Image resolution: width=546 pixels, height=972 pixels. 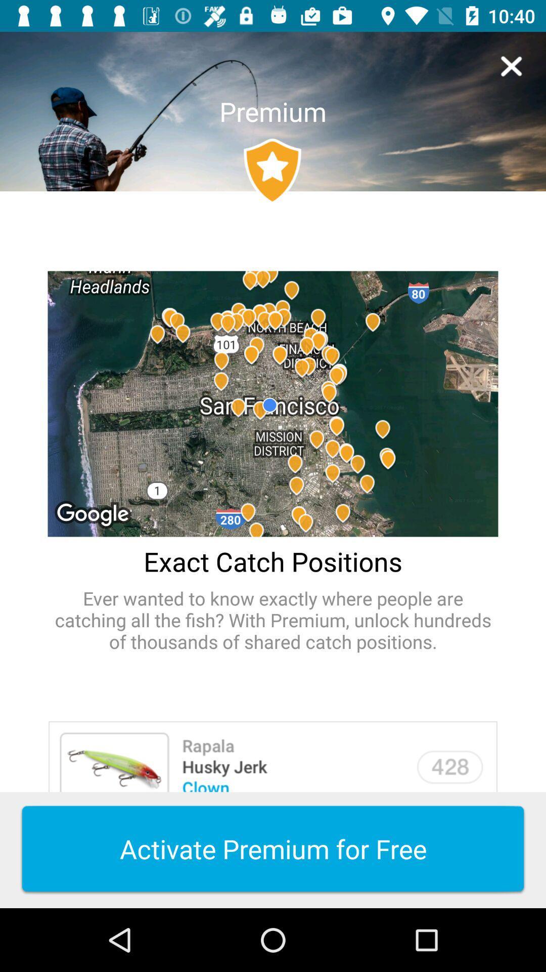 What do you see at coordinates (511, 66) in the screenshot?
I see `icon to the right of the premium item` at bounding box center [511, 66].